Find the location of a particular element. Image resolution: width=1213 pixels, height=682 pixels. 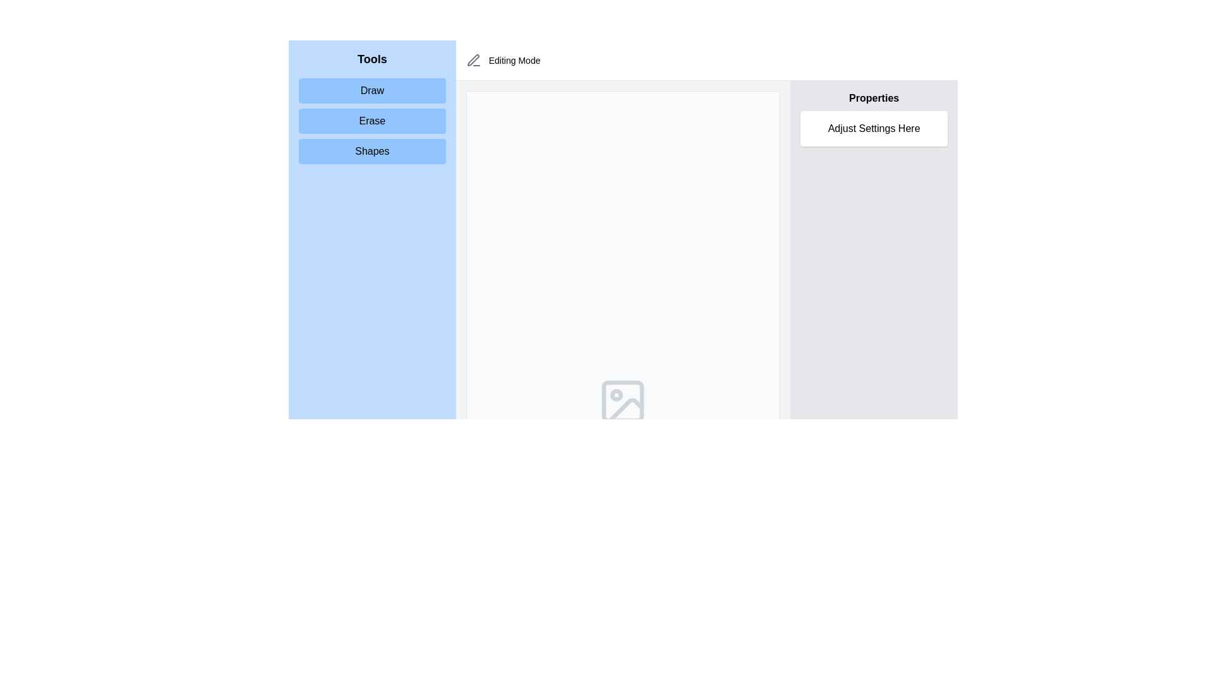

the non-interactive Text Label at the top of the left sidebar that categorizes the interactive tools below is located at coordinates (371, 59).